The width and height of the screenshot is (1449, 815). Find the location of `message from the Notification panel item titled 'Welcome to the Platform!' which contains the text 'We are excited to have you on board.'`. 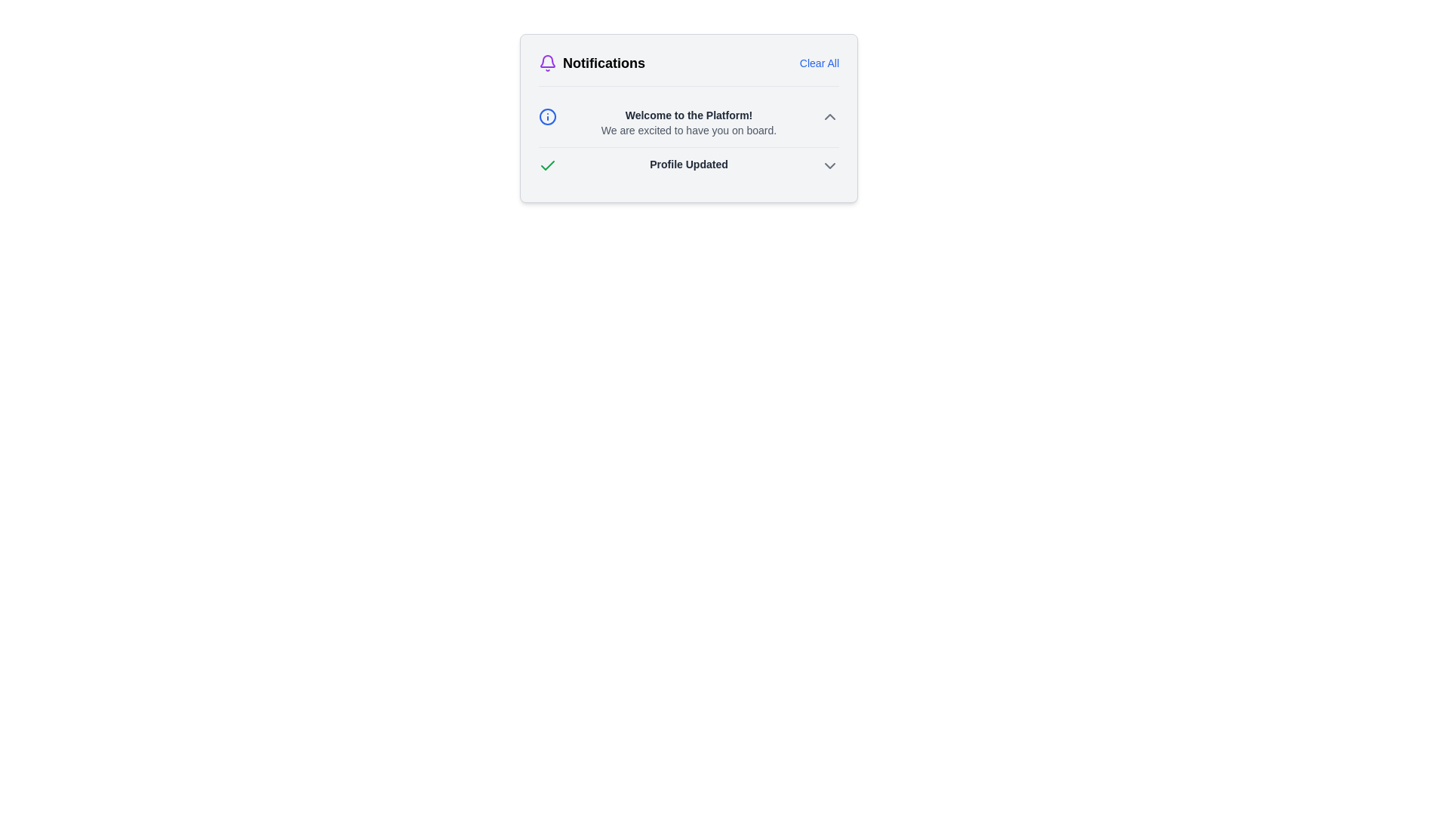

message from the Notification panel item titled 'Welcome to the Platform!' which contains the text 'We are excited to have you on board.' is located at coordinates (688, 121).